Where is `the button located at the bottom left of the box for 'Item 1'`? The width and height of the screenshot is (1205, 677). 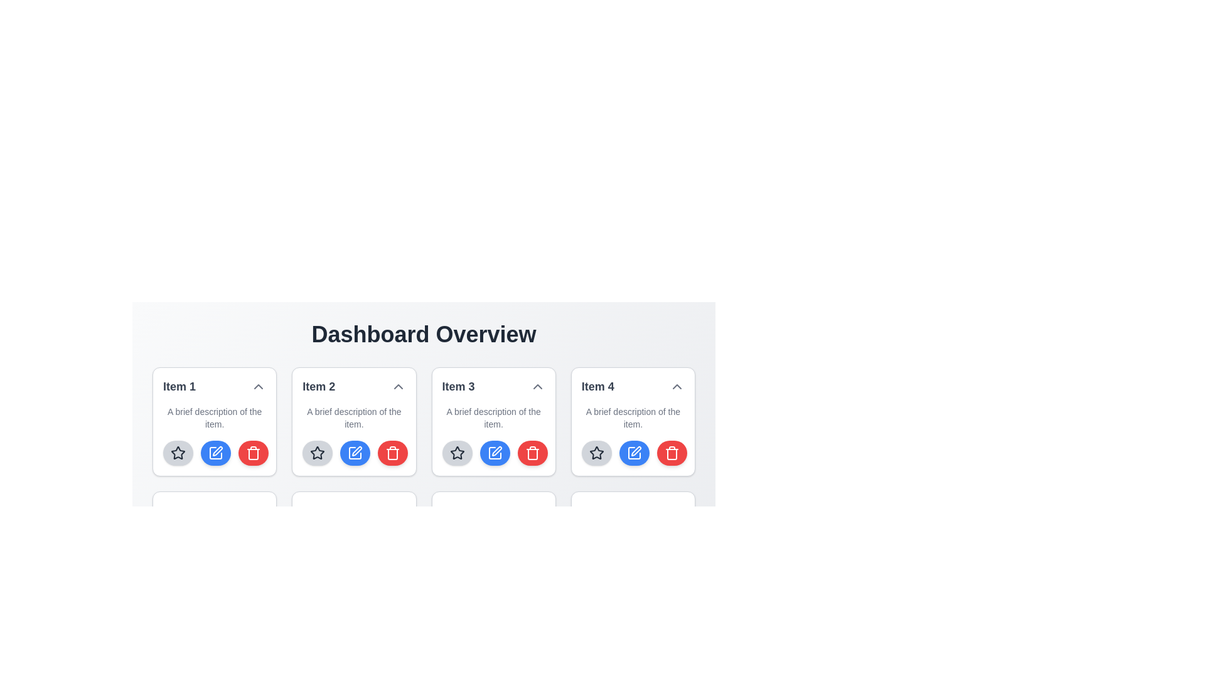
the button located at the bottom left of the box for 'Item 1' is located at coordinates (177, 453).